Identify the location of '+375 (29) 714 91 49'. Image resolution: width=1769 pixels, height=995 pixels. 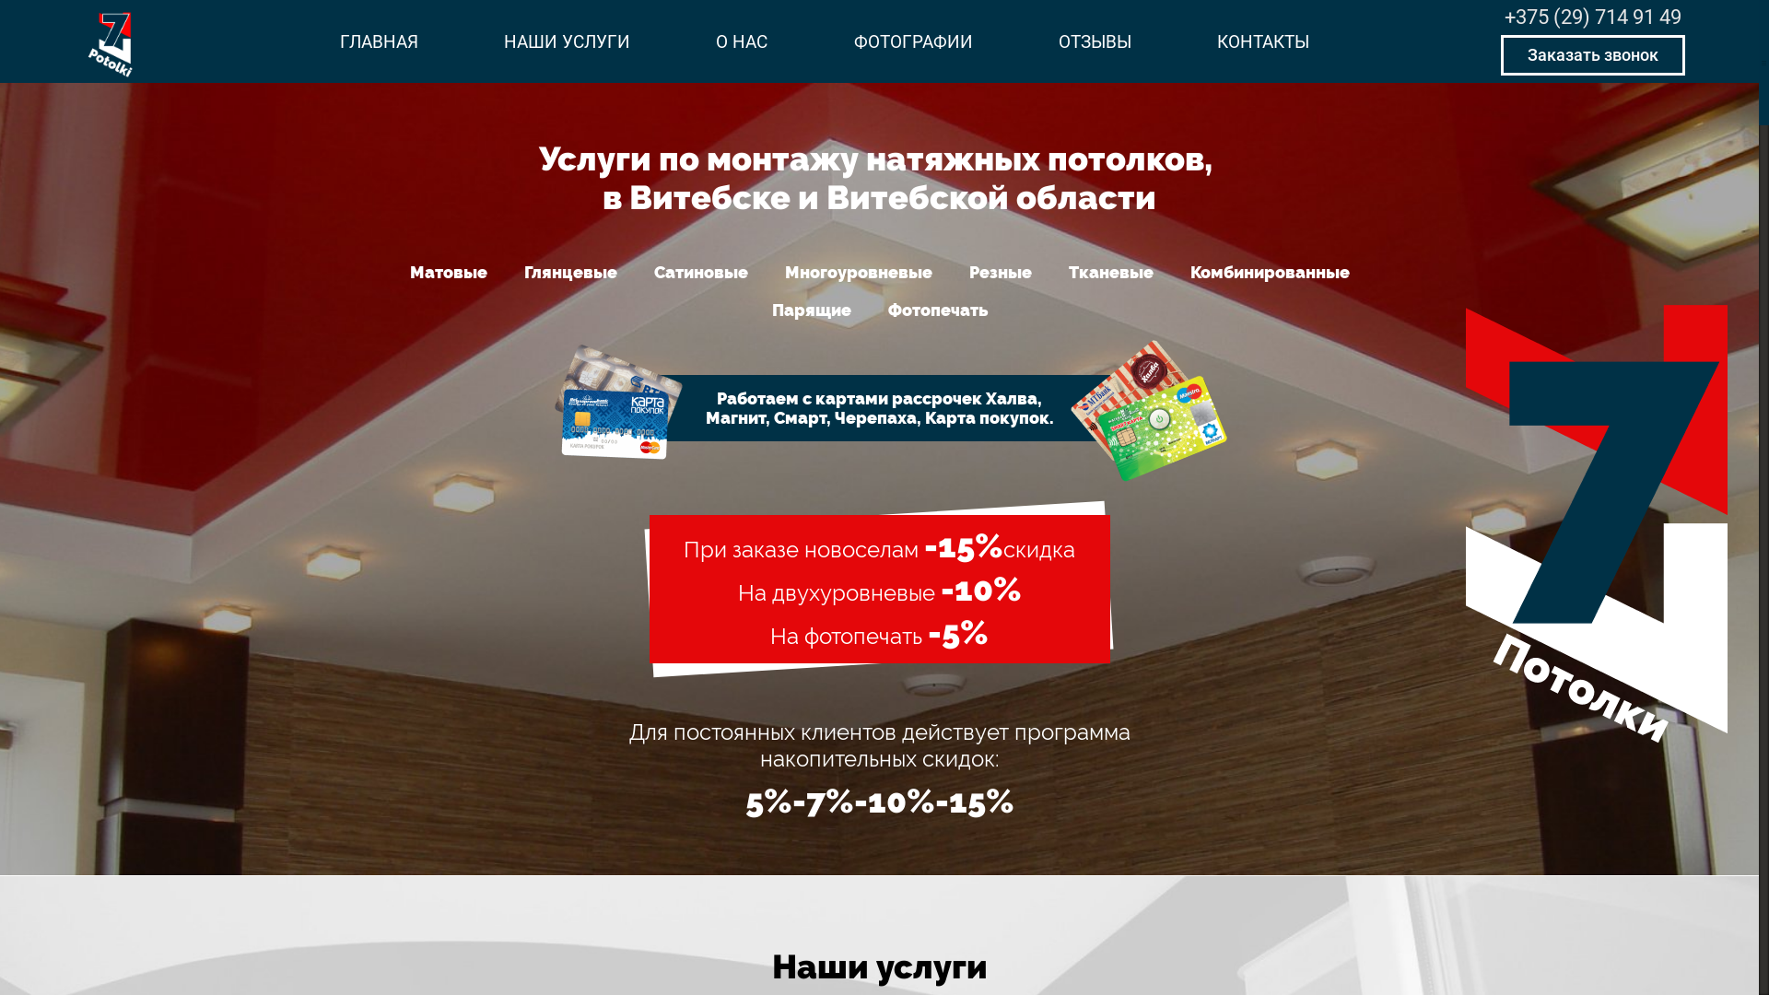
(1591, 18).